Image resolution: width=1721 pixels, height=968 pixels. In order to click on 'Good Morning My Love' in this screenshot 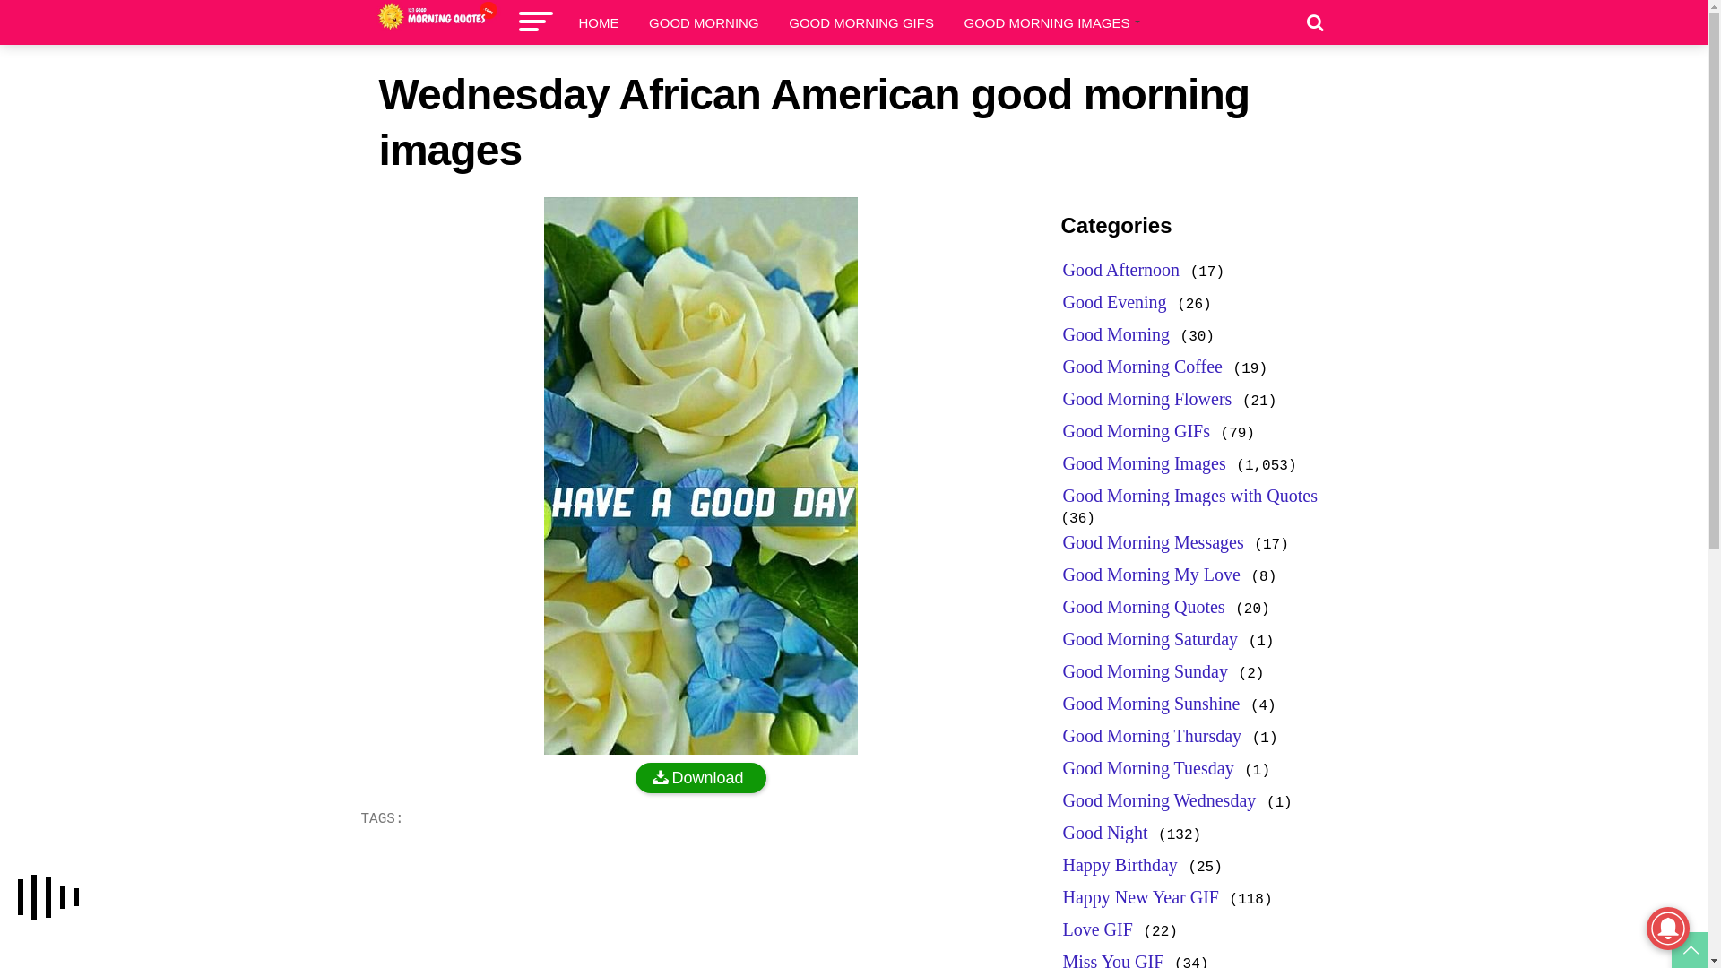, I will do `click(1152, 574)`.